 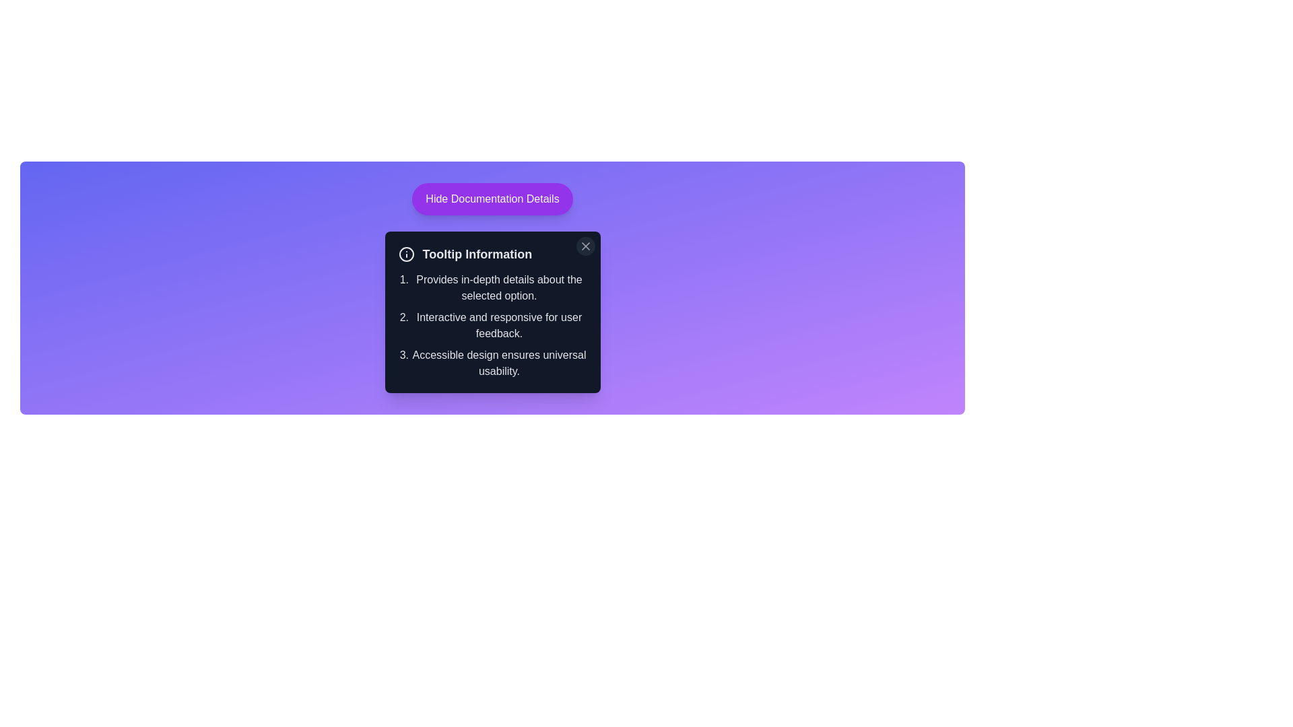 I want to click on the 'X' icon located at the top-right corner of the pop-up tooltip, so click(x=585, y=246).